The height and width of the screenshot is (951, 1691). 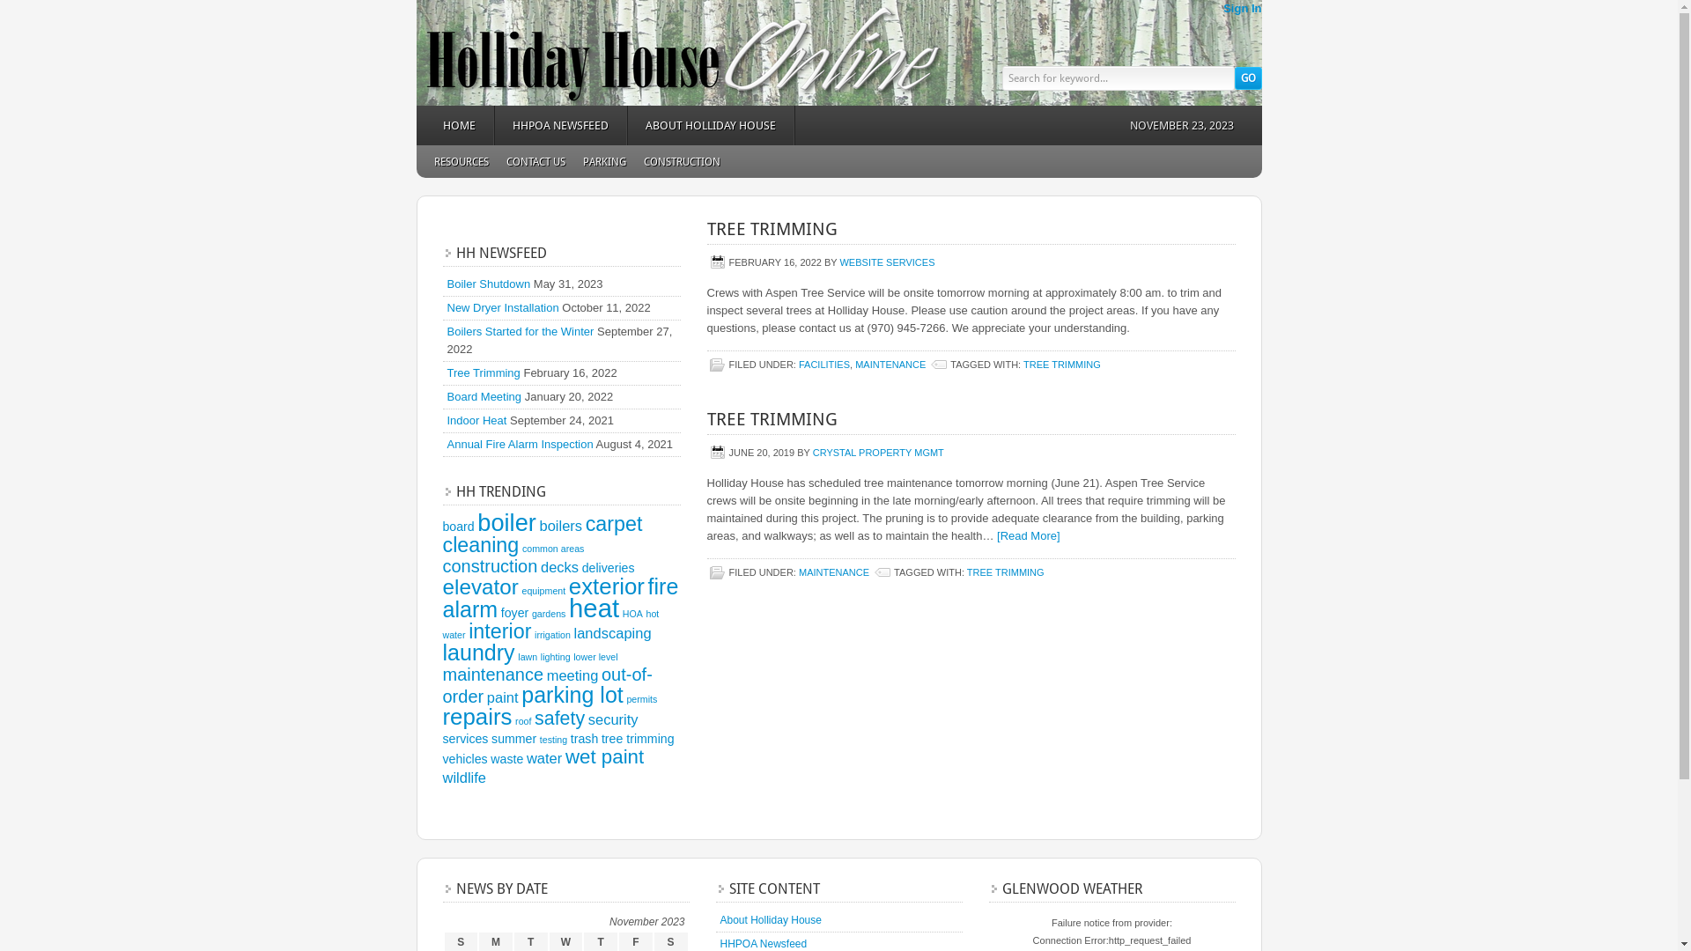 I want to click on 'TREE TRIMMING', so click(x=772, y=227).